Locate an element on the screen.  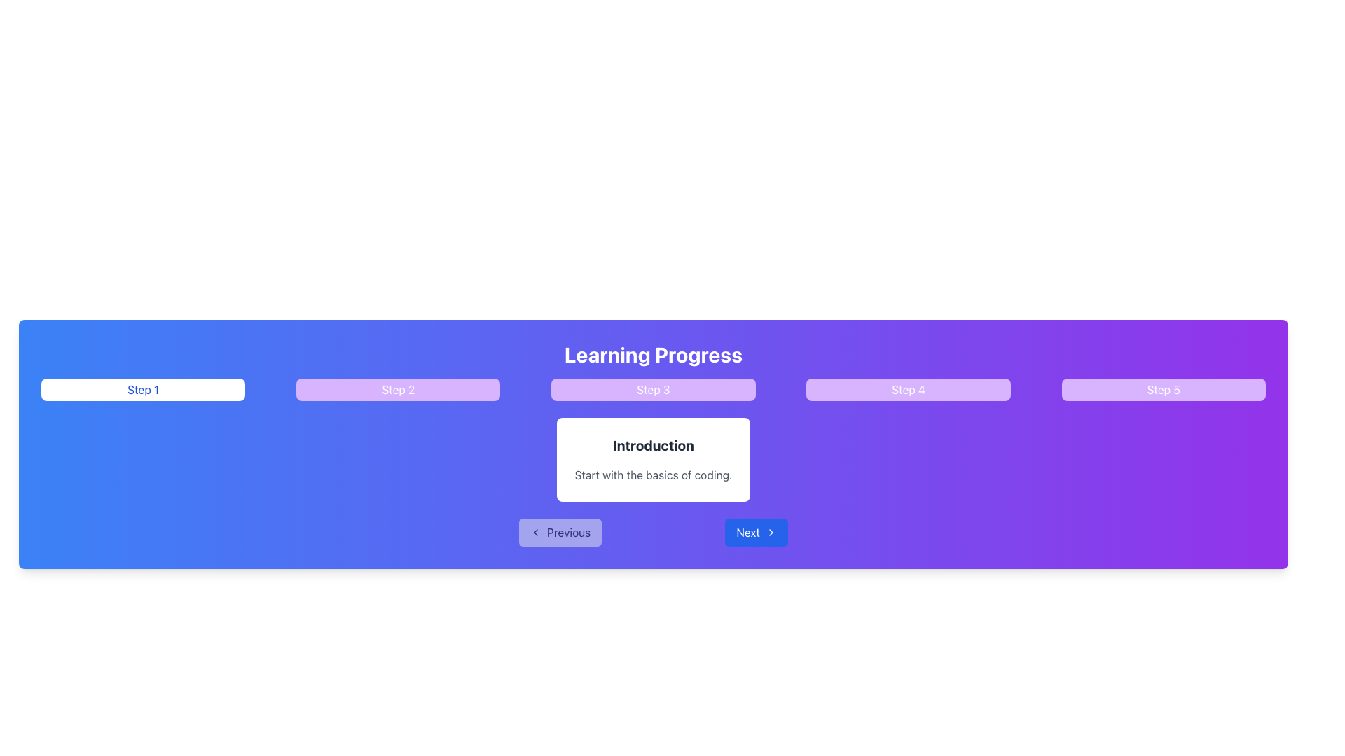
the chevron SVG icon on the 'Previous' button located in the lower-left area of the interface, which represents a backward navigation action is located at coordinates (534, 532).